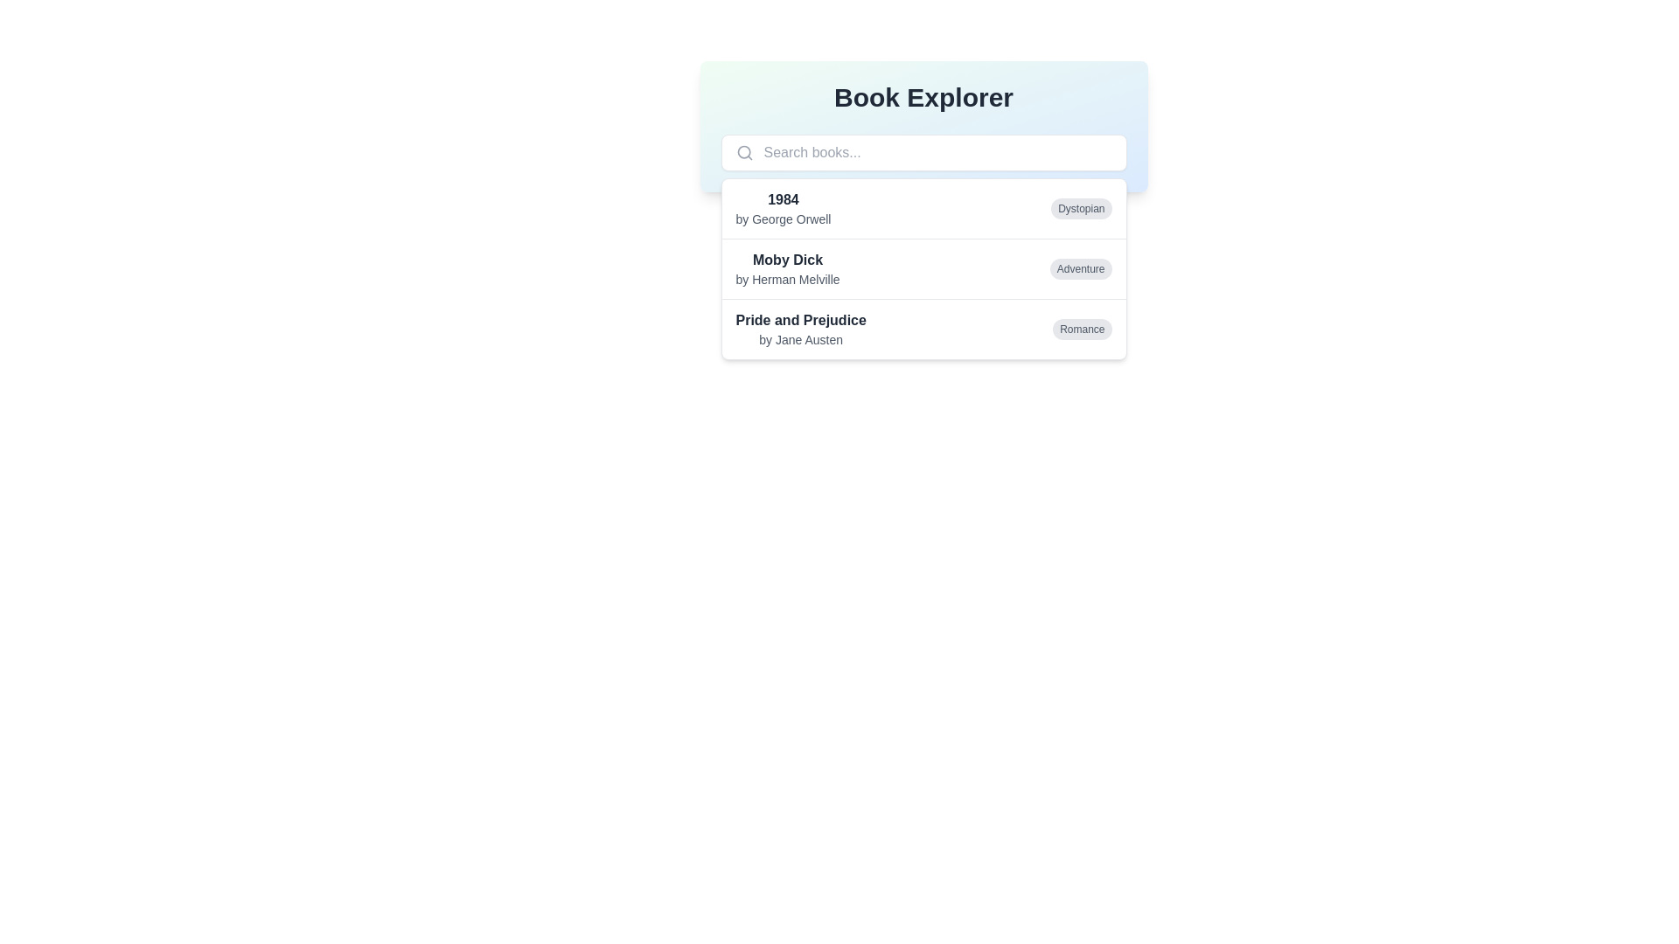  I want to click on the label indicating the genre or category associated with the book entry 'Moby Dick', located on the right-hand side of the middle list item in a vertical list of books, so click(1080, 269).